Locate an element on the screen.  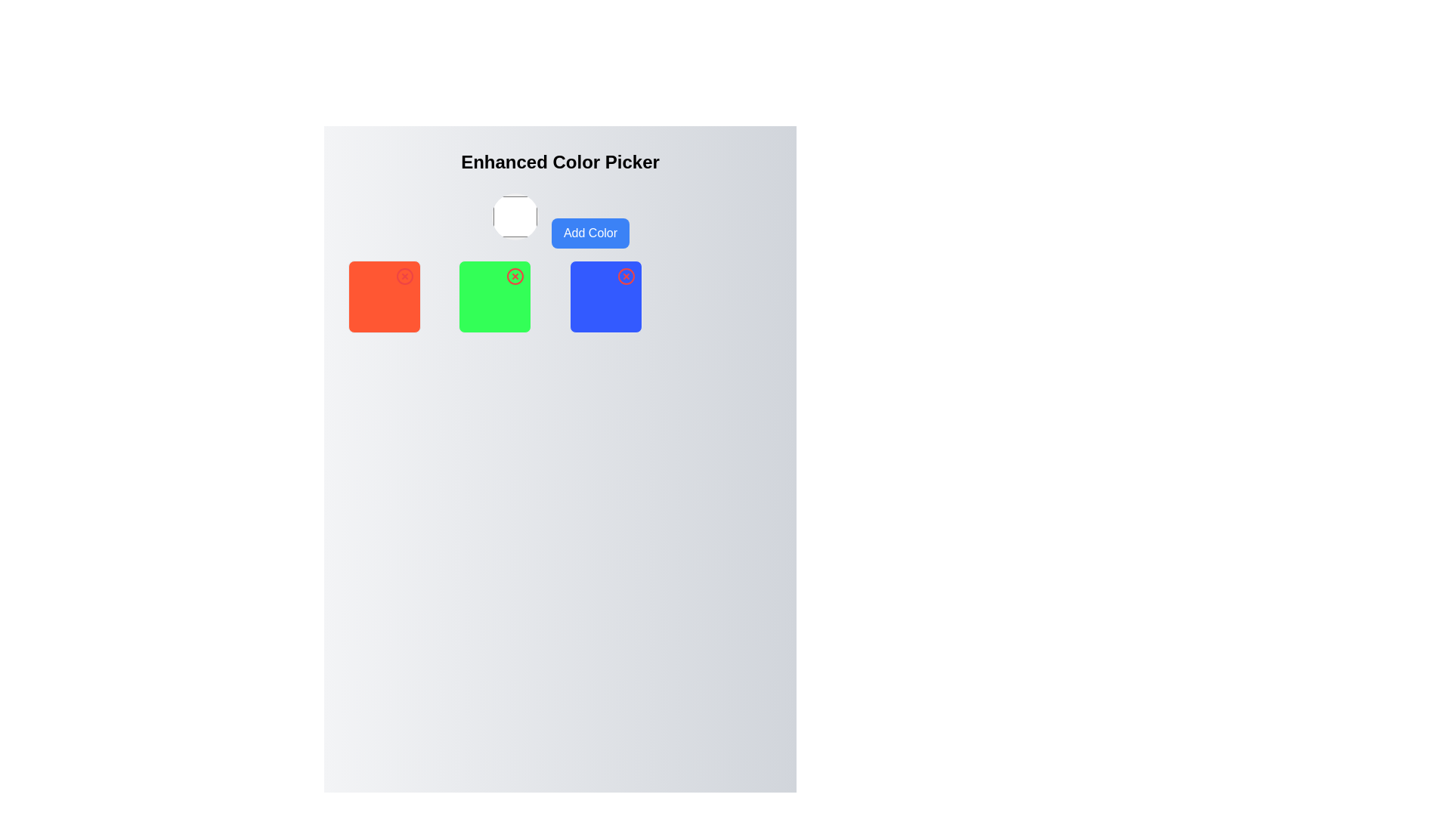
the SVG Circle that is part of the delete icon located at the top-right corner of the green square in the second column of the color picker grid layout is located at coordinates (515, 277).